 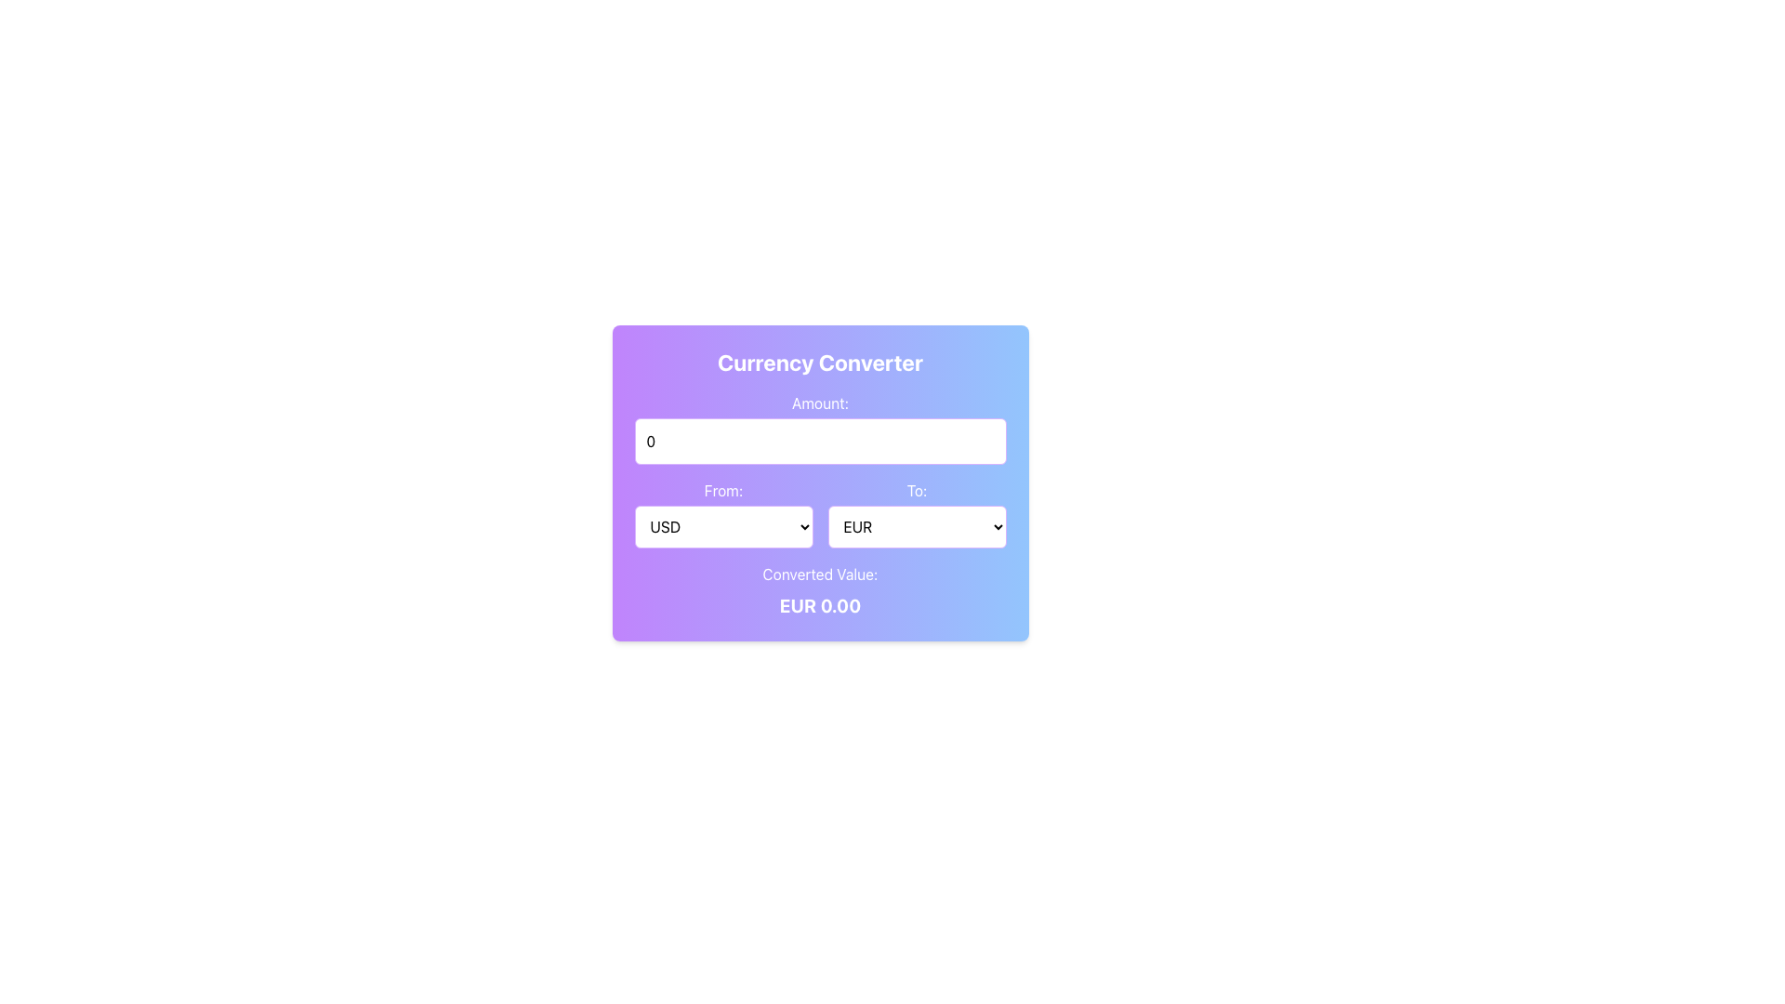 What do you see at coordinates (722, 490) in the screenshot?
I see `the text label displaying 'From:' which is styled in white on a gradient purple-to-blue background, located above the 'USD' dropdown in the currency conversion interface` at bounding box center [722, 490].